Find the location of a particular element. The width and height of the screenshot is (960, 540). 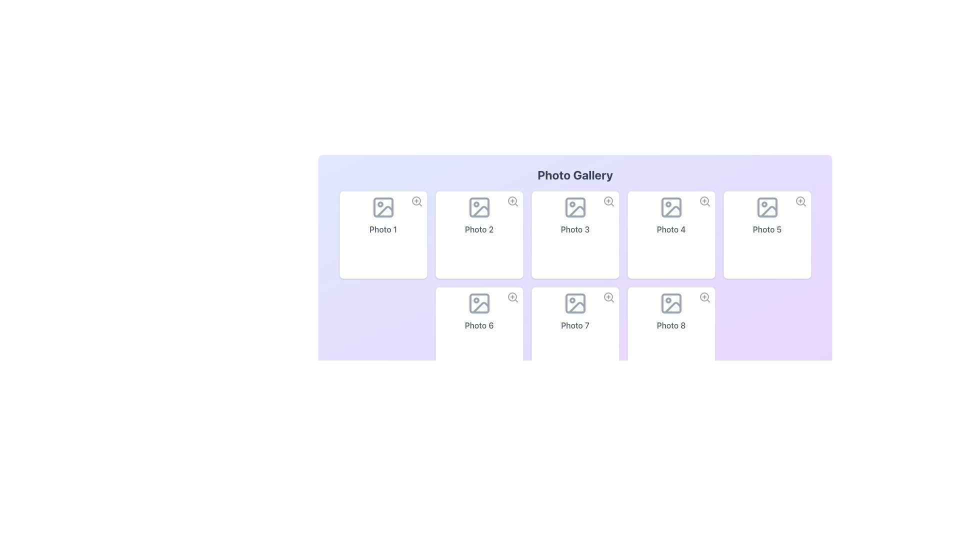

the icon representing the placeholder for the photo associated with the 'Photo 2' card, located in the second position of the first row in the gallery is located at coordinates (478, 207).